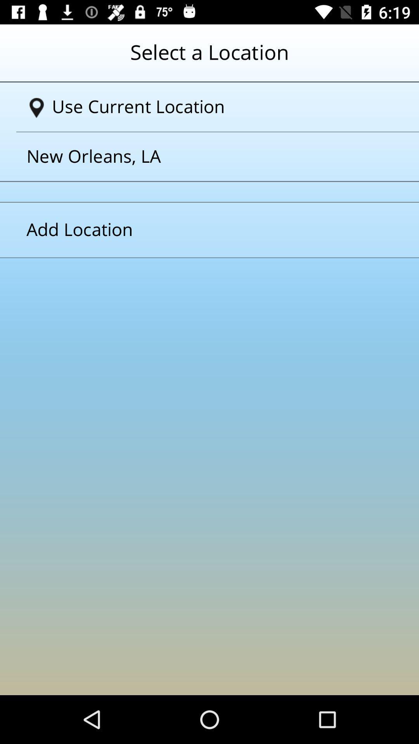  Describe the element at coordinates (199, 156) in the screenshot. I see `new orleans la which is above the add location` at that location.